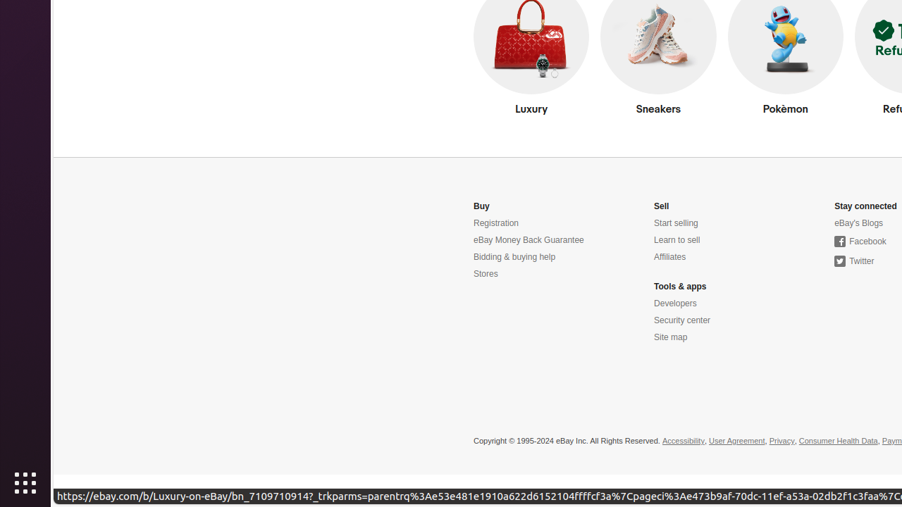 The image size is (902, 507). What do you see at coordinates (675, 223) in the screenshot?
I see `'Start selling'` at bounding box center [675, 223].